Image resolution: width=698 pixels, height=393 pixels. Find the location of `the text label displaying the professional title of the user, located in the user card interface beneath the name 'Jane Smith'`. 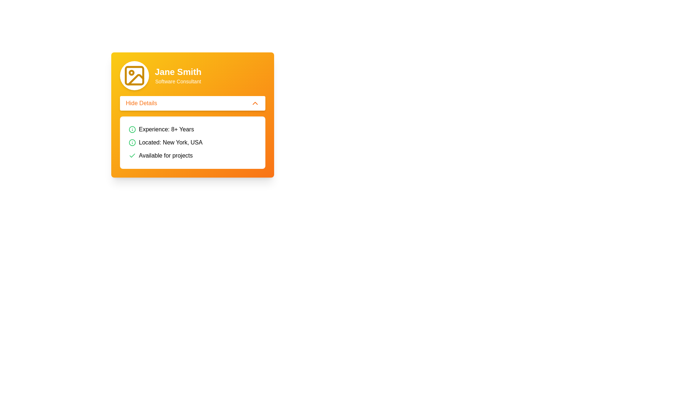

the text label displaying the professional title of the user, located in the user card interface beneath the name 'Jane Smith' is located at coordinates (178, 81).